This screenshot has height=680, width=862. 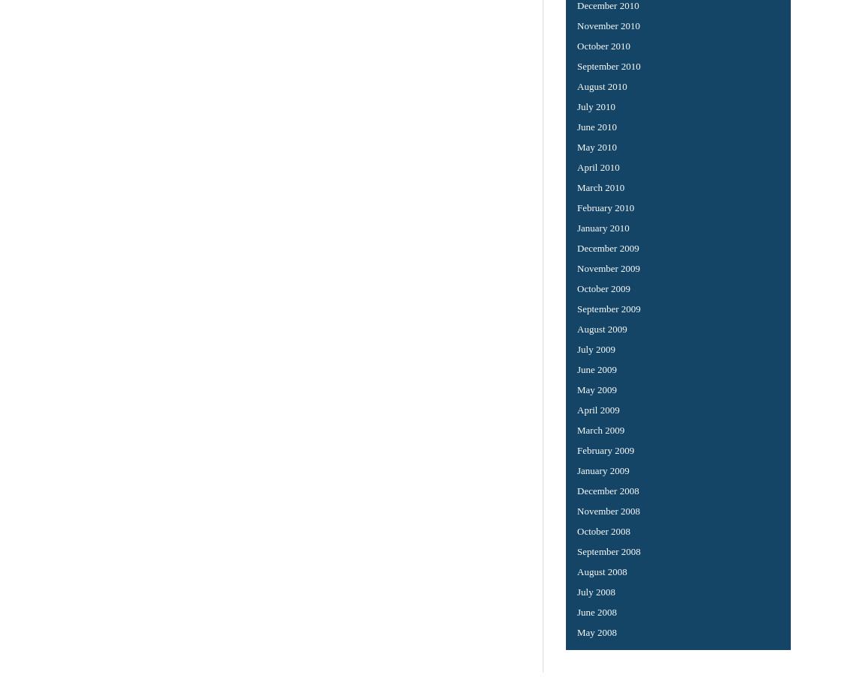 I want to click on 'May 2010', so click(x=596, y=146).